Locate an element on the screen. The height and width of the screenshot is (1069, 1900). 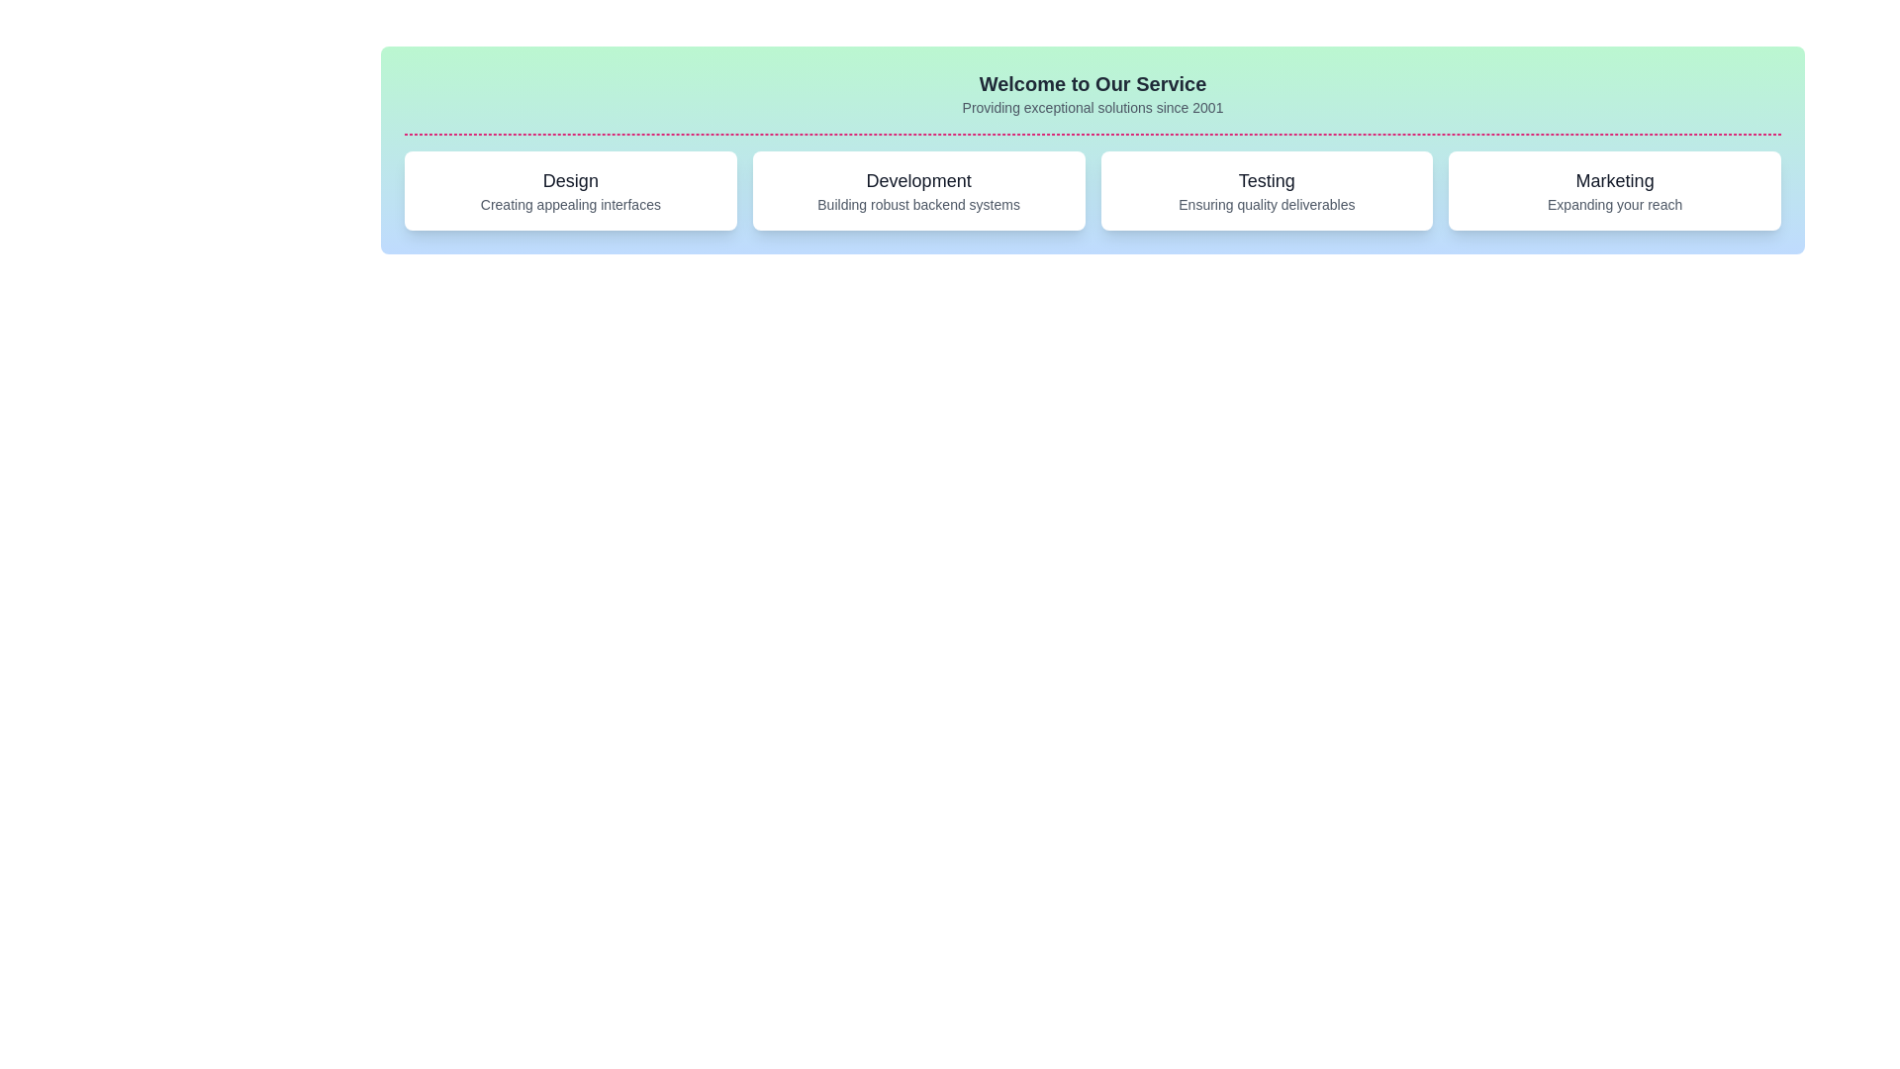
the Informational Card that contains the text 'Design' in bold dark gray and 'Creating appealing interfaces' in lighter gray, which is the first card in a horizontal grid of four cards below the title 'Welcome to Our Service' is located at coordinates (569, 190).